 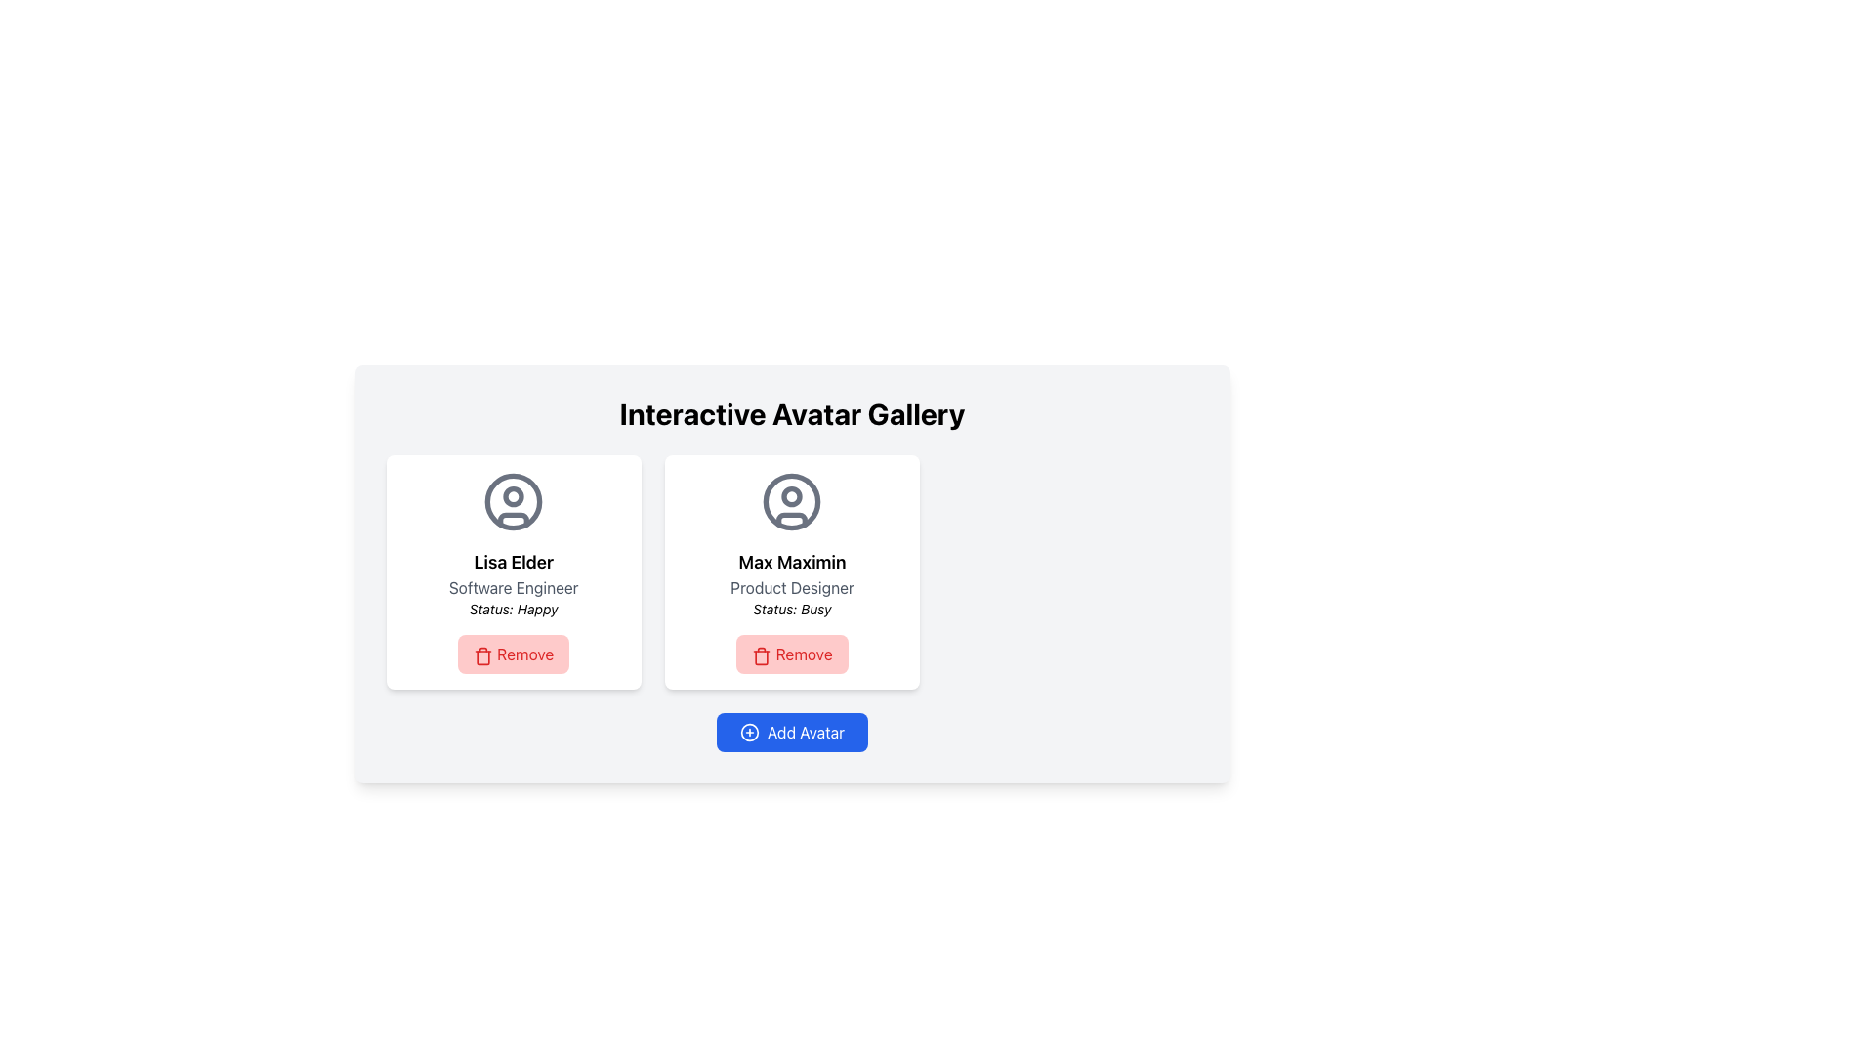 What do you see at coordinates (761, 655) in the screenshot?
I see `the icon to the left of the 'Remove' text in the red 'Remove' button beneath the card labeled 'Max Maximin.'` at bounding box center [761, 655].